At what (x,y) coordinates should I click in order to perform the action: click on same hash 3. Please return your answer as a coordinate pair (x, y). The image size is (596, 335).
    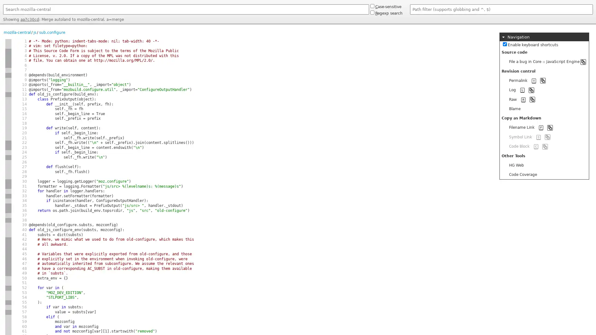
    Looking at the image, I should click on (8, 326).